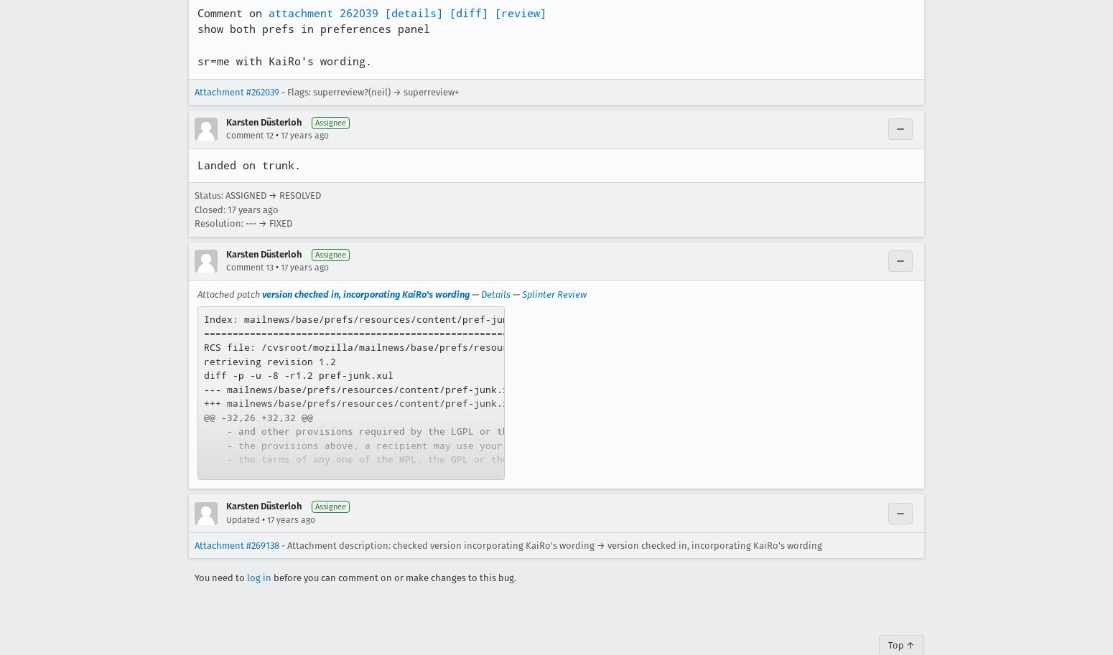 This screenshot has width=1113, height=655. What do you see at coordinates (468, 12) in the screenshot?
I see `'[diff]'` at bounding box center [468, 12].